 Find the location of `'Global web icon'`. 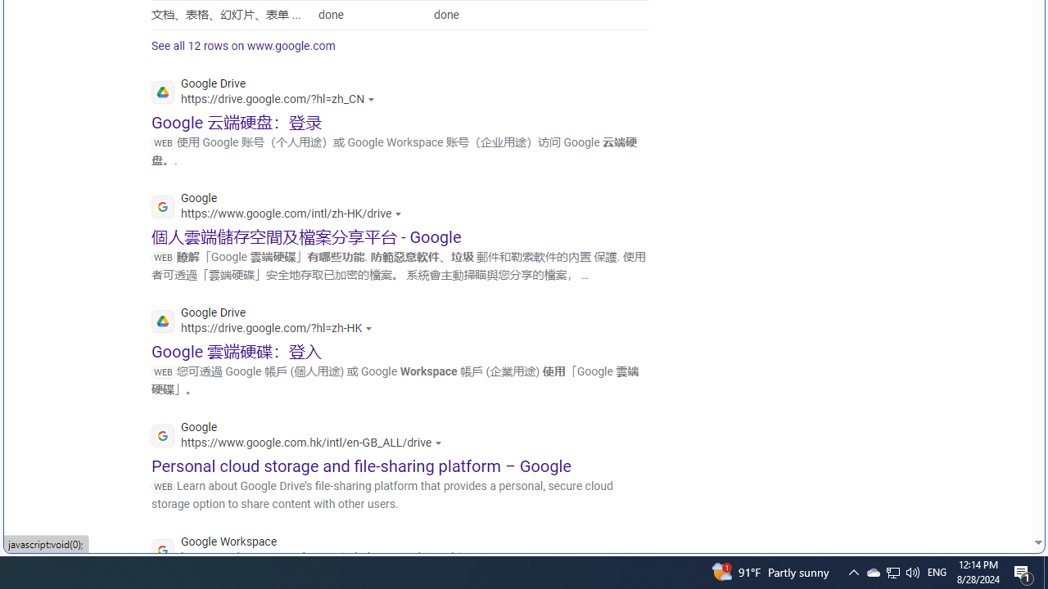

'Global web icon' is located at coordinates (163, 551).